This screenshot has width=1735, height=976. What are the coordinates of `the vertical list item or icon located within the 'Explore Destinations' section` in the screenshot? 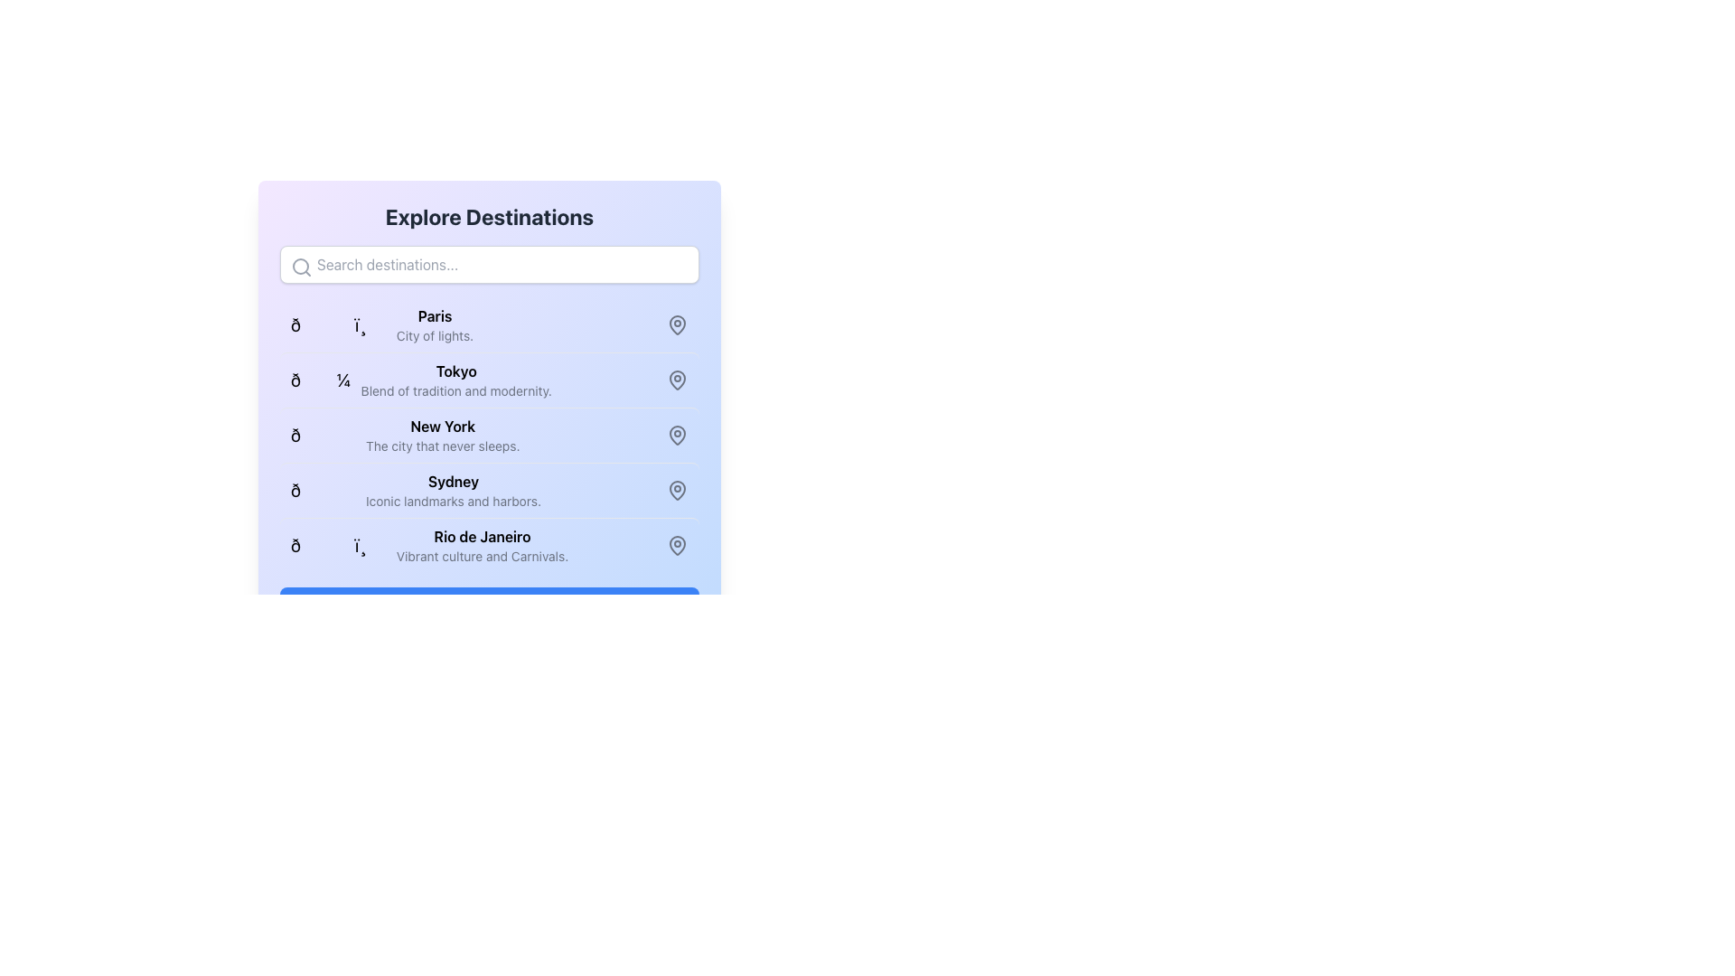 It's located at (490, 436).